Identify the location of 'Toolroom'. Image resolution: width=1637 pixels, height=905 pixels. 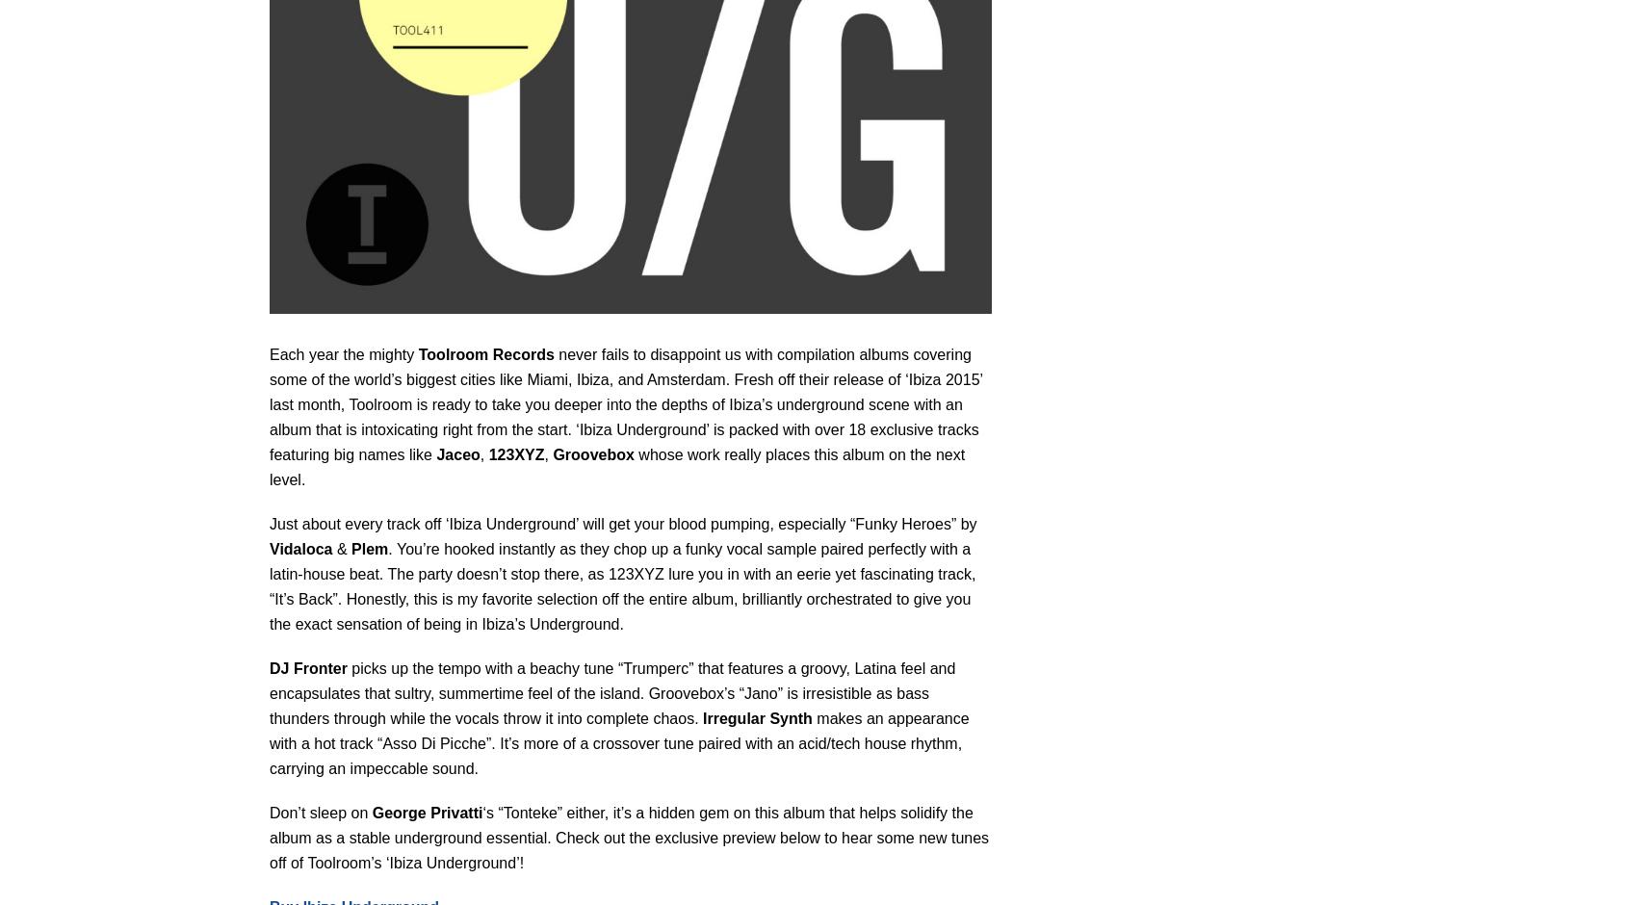
(418, 352).